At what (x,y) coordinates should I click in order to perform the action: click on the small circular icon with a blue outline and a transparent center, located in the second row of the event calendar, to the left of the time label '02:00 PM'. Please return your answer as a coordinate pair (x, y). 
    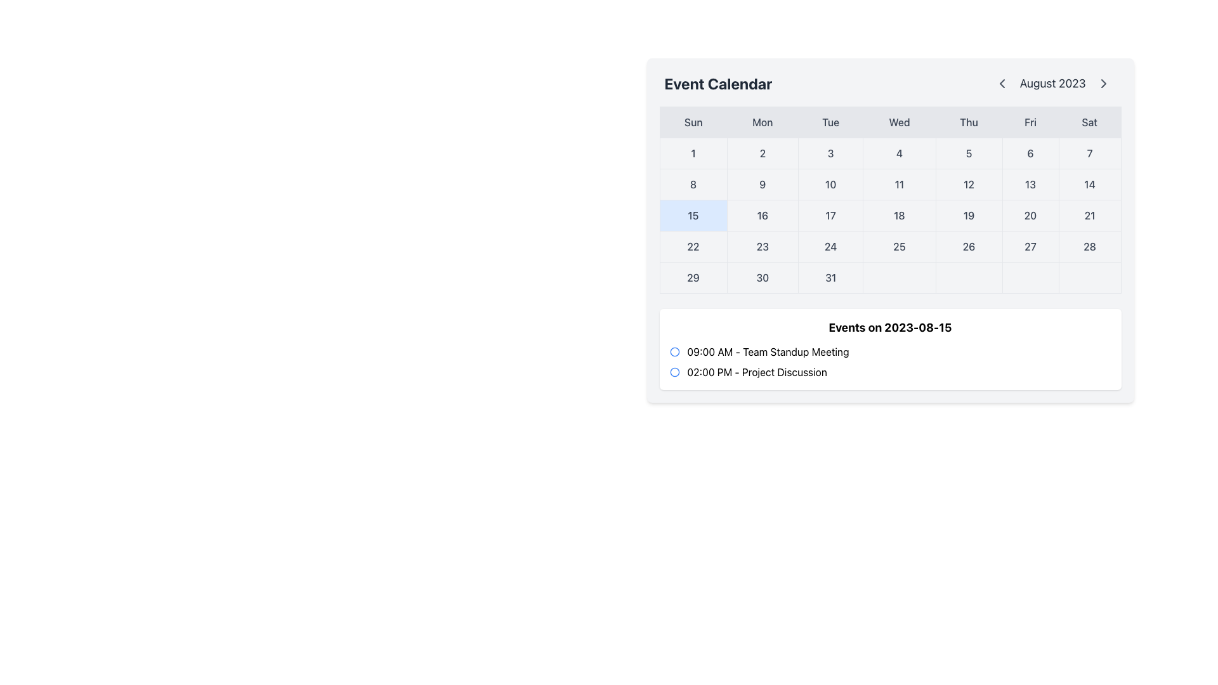
    Looking at the image, I should click on (674, 371).